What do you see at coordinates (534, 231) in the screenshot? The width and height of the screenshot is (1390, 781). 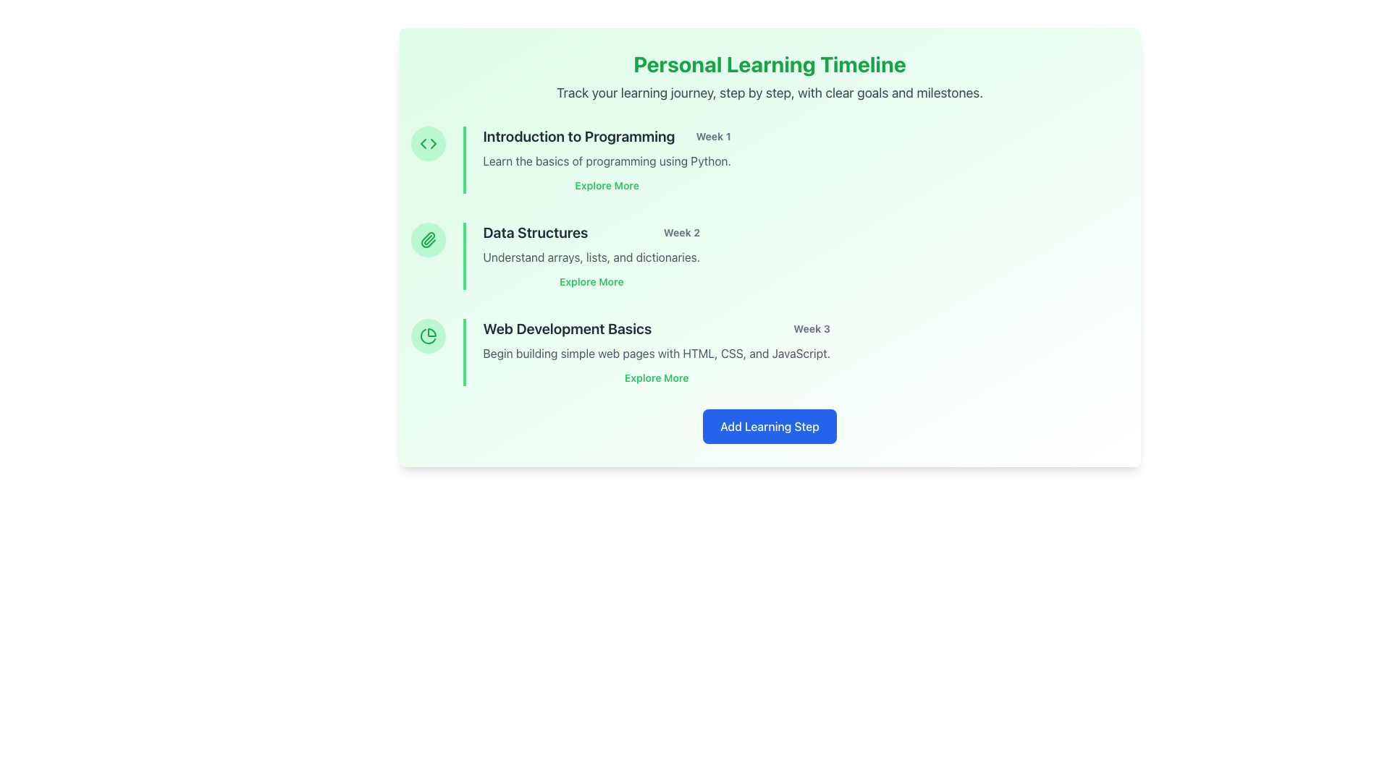 I see `the Text Label that serves as a title for the course section, positioned below 'Introduction to Programming' and above 'Web Development Basics'` at bounding box center [534, 231].